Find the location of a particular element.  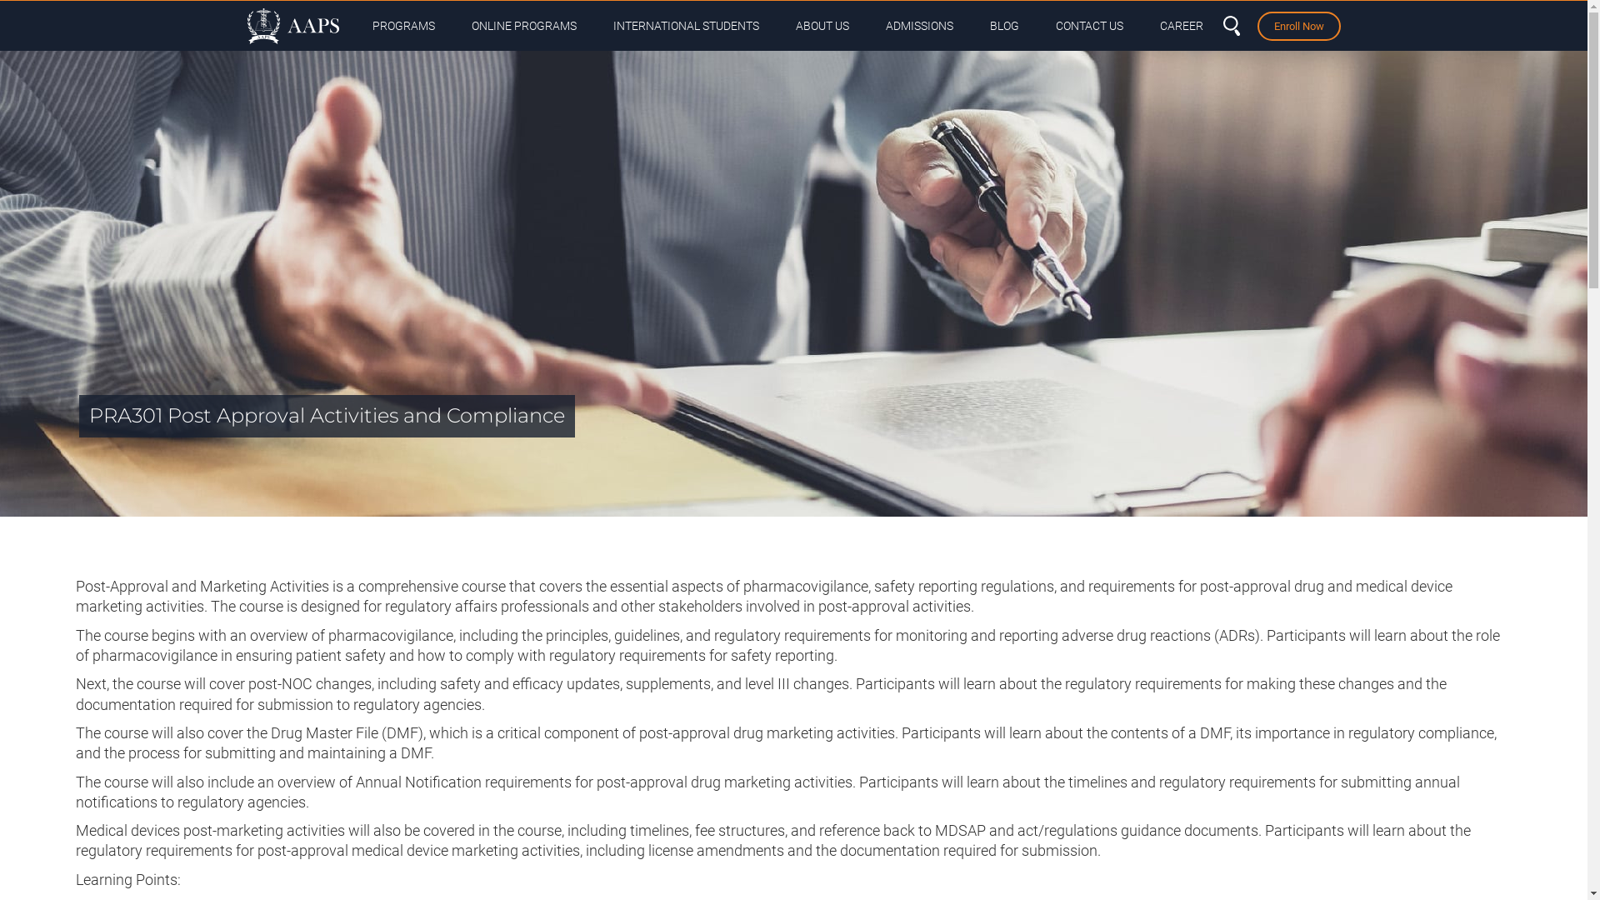

'ADMISSIONS' is located at coordinates (917, 25).